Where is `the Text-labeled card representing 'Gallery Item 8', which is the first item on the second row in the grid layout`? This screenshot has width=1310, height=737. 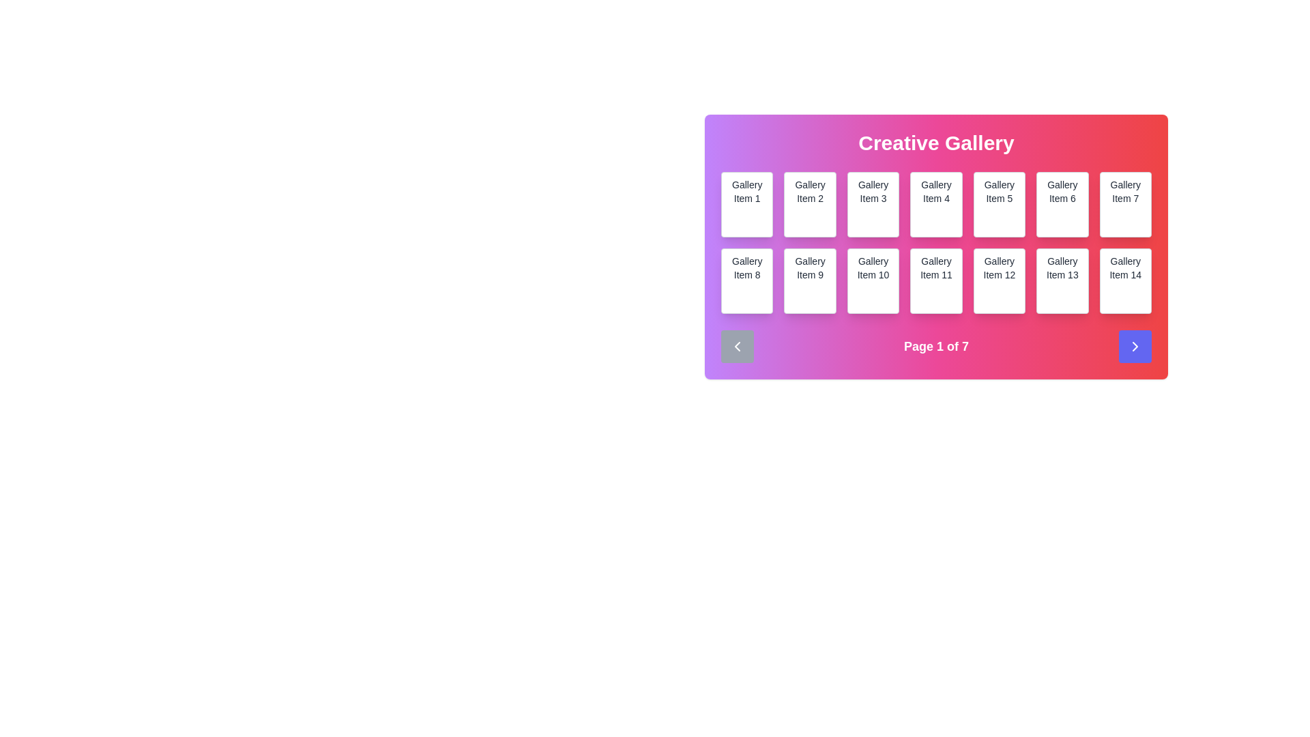 the Text-labeled card representing 'Gallery Item 8', which is the first item on the second row in the grid layout is located at coordinates (746, 280).